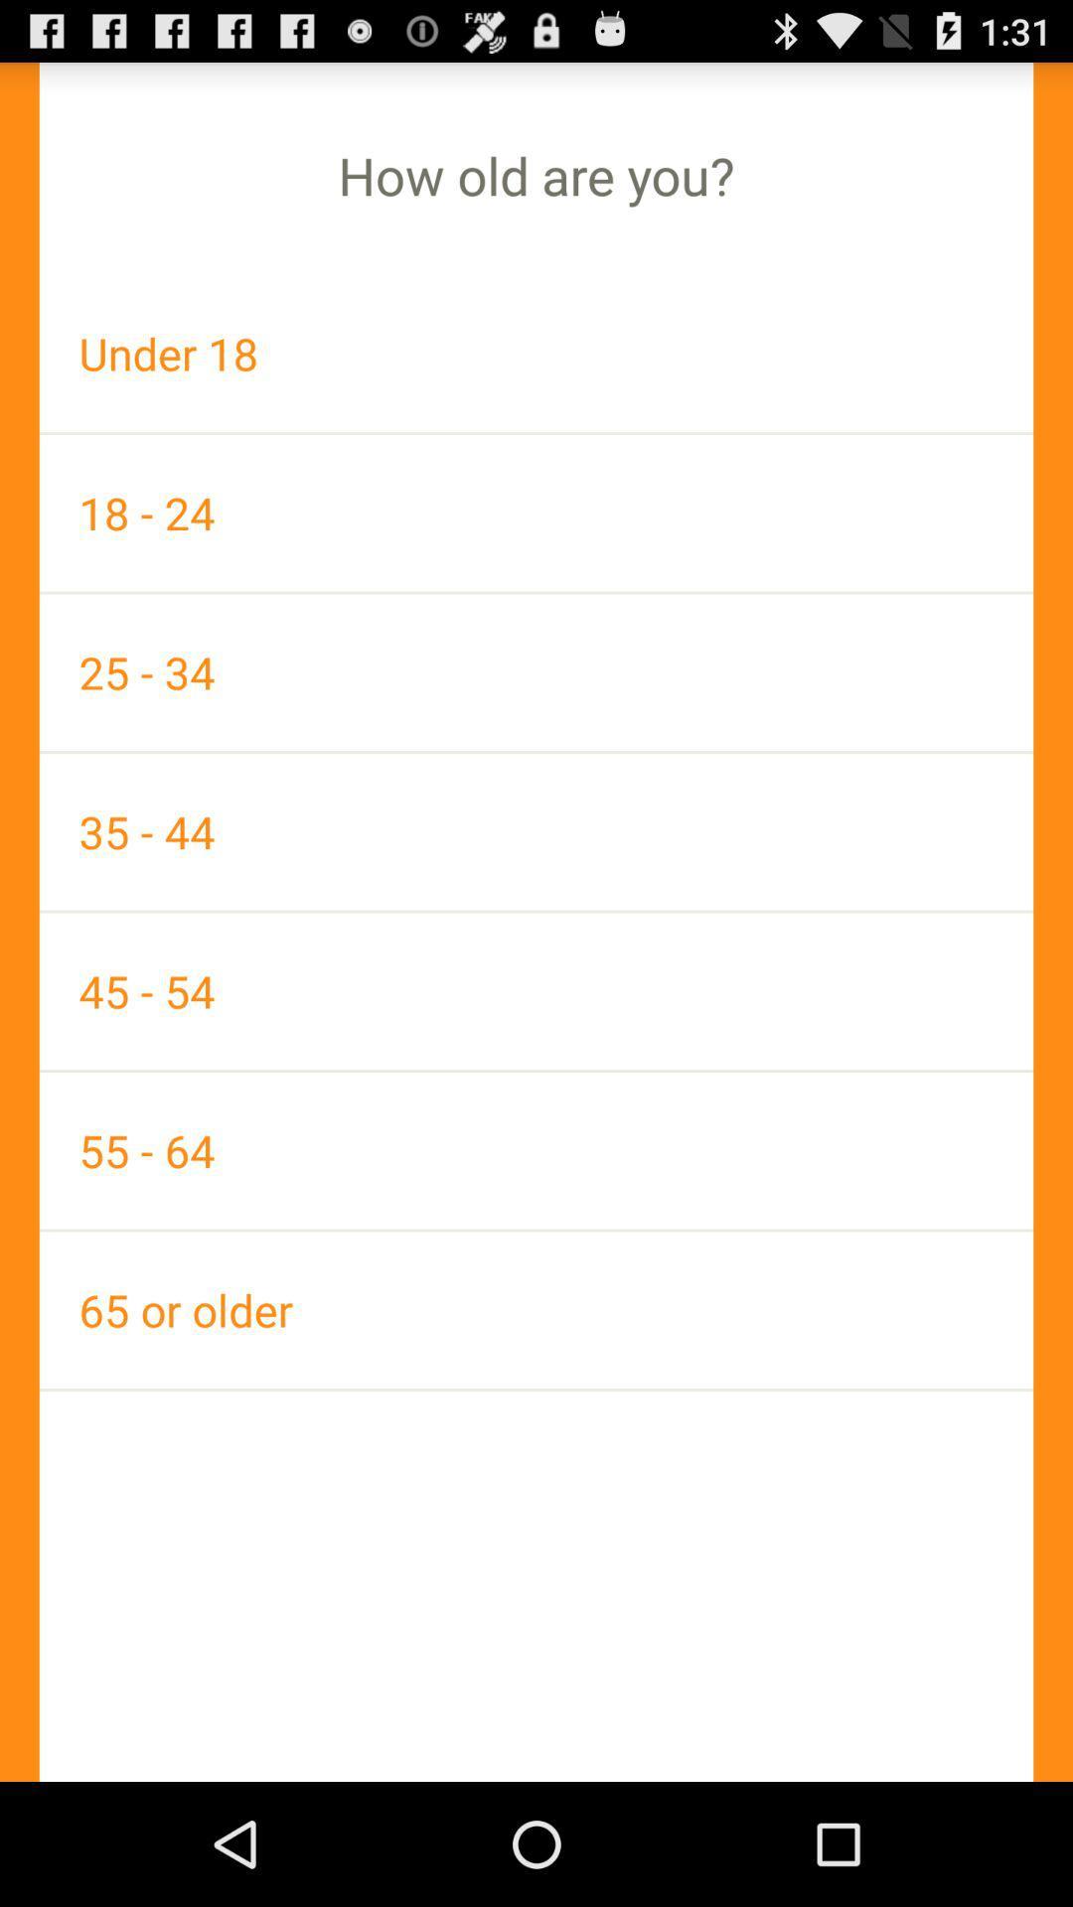 This screenshot has width=1073, height=1907. What do you see at coordinates (536, 1150) in the screenshot?
I see `the icon above 65 or older item` at bounding box center [536, 1150].